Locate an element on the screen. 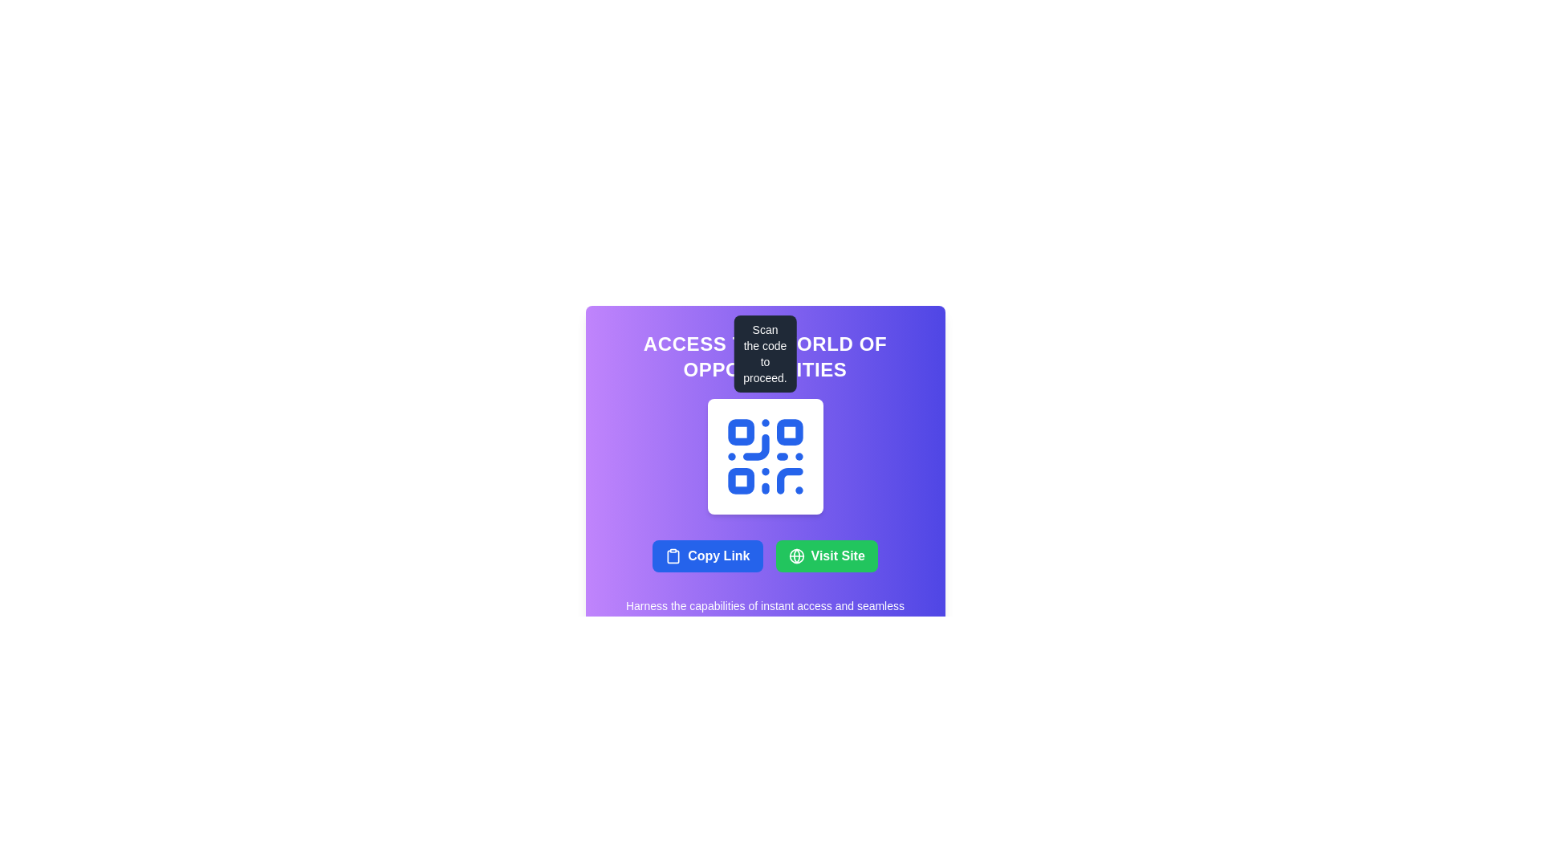 The width and height of the screenshot is (1541, 867). the globe icon's longitudinal line element, which is part of an SVG graphic representing a global theme is located at coordinates (796, 556).